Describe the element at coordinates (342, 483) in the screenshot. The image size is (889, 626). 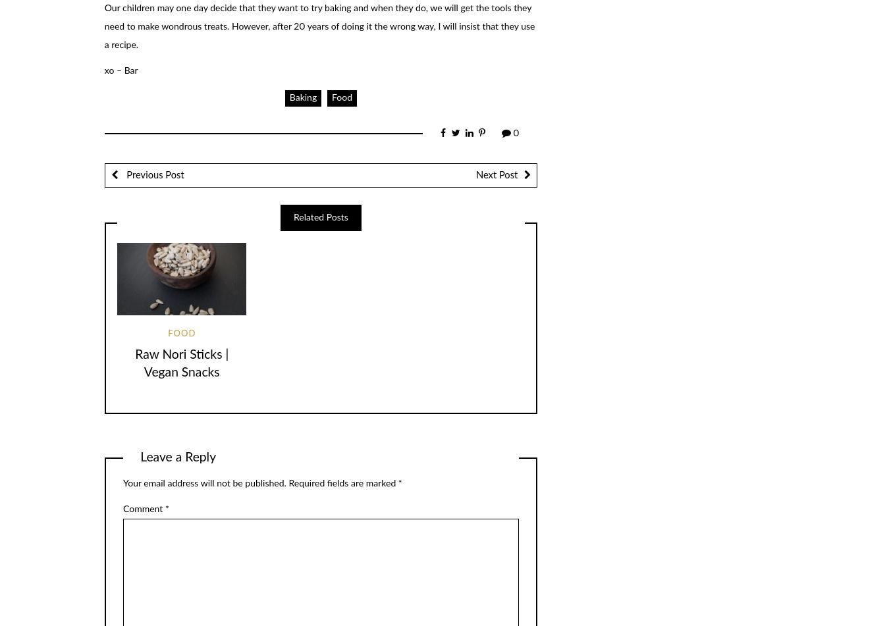
I see `'Required fields are marked'` at that location.